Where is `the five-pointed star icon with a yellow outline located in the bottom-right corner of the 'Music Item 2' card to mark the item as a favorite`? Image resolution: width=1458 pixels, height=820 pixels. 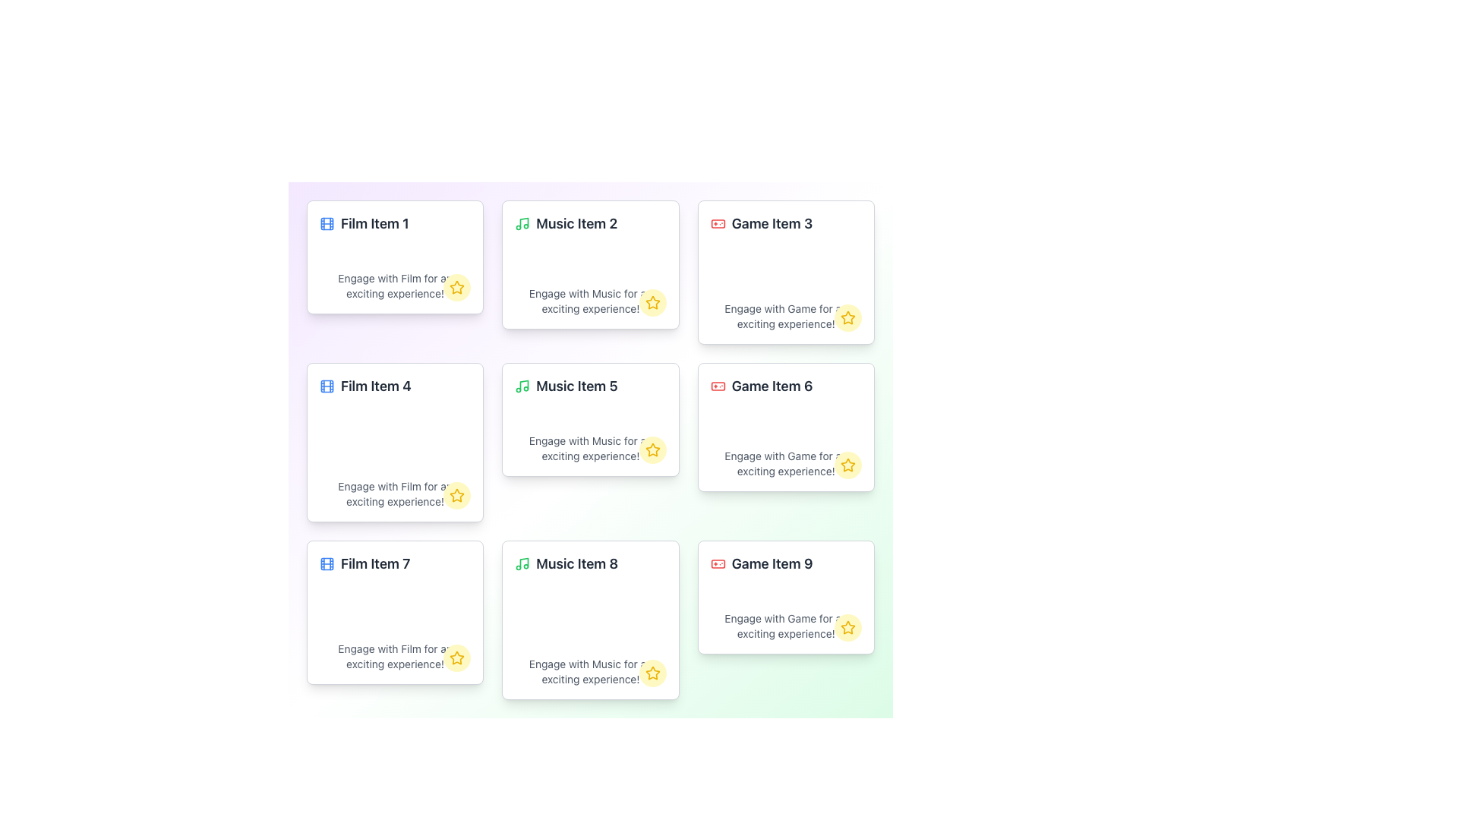
the five-pointed star icon with a yellow outline located in the bottom-right corner of the 'Music Item 2' card to mark the item as a favorite is located at coordinates (652, 302).